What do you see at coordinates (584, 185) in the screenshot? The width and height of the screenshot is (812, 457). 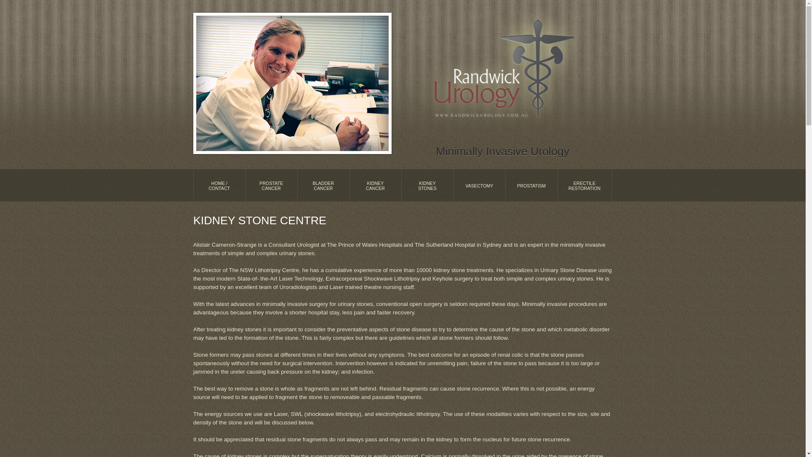 I see `'ERECTILE` at bounding box center [584, 185].